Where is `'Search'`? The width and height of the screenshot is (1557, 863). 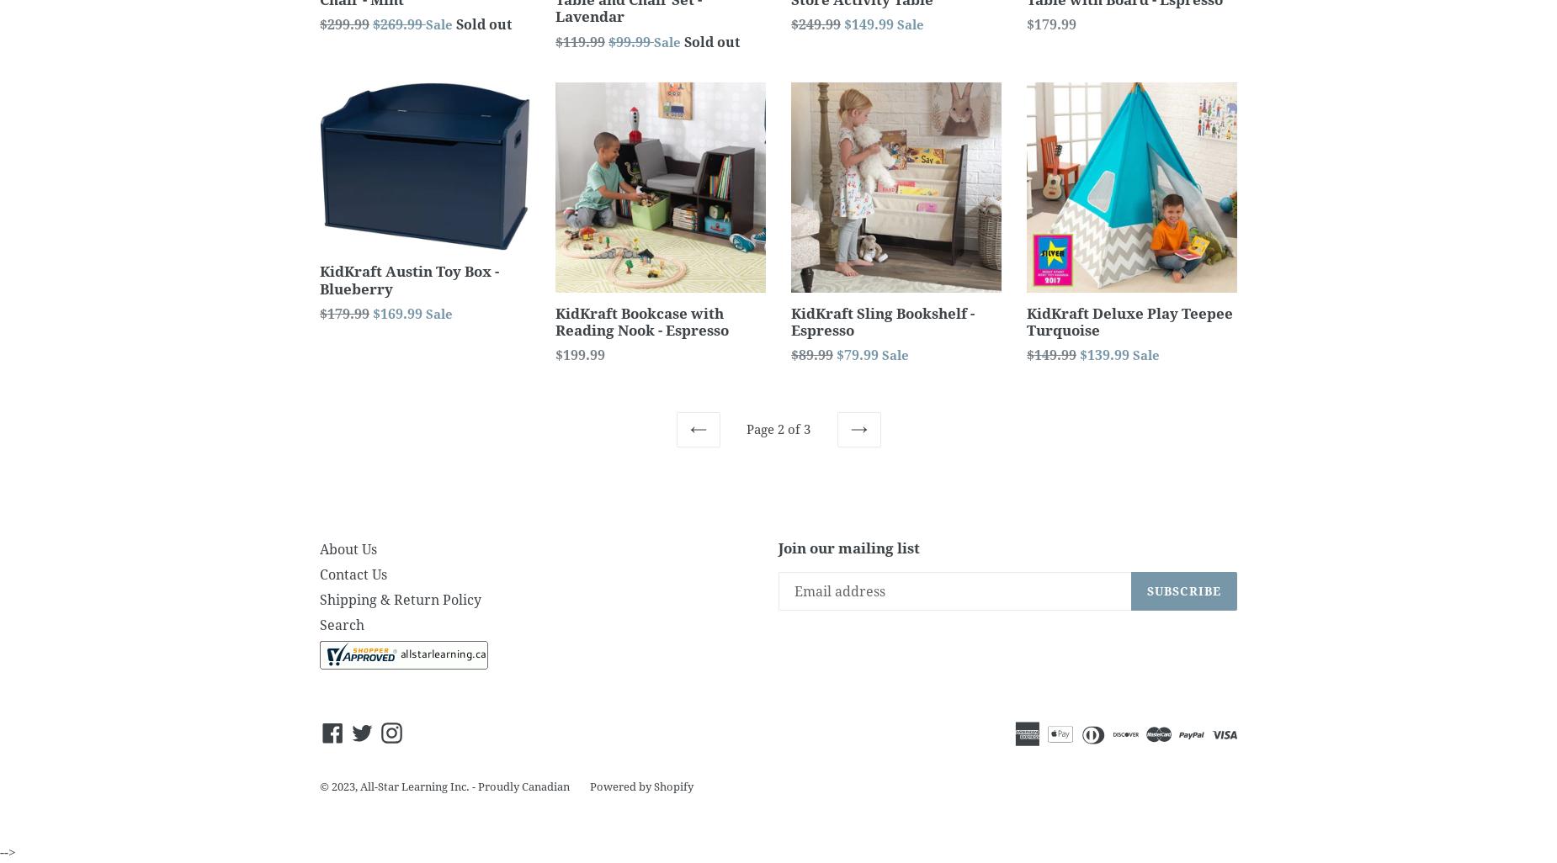 'Search' is located at coordinates (341, 625).